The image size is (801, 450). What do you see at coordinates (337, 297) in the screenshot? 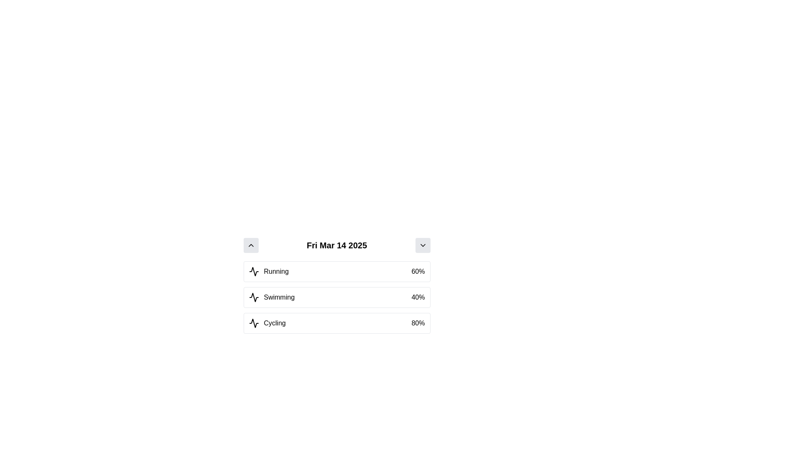
I see `the 'Swimming' activity information display, which shows '40%' and is located in the second row of a vertical list of activities` at bounding box center [337, 297].